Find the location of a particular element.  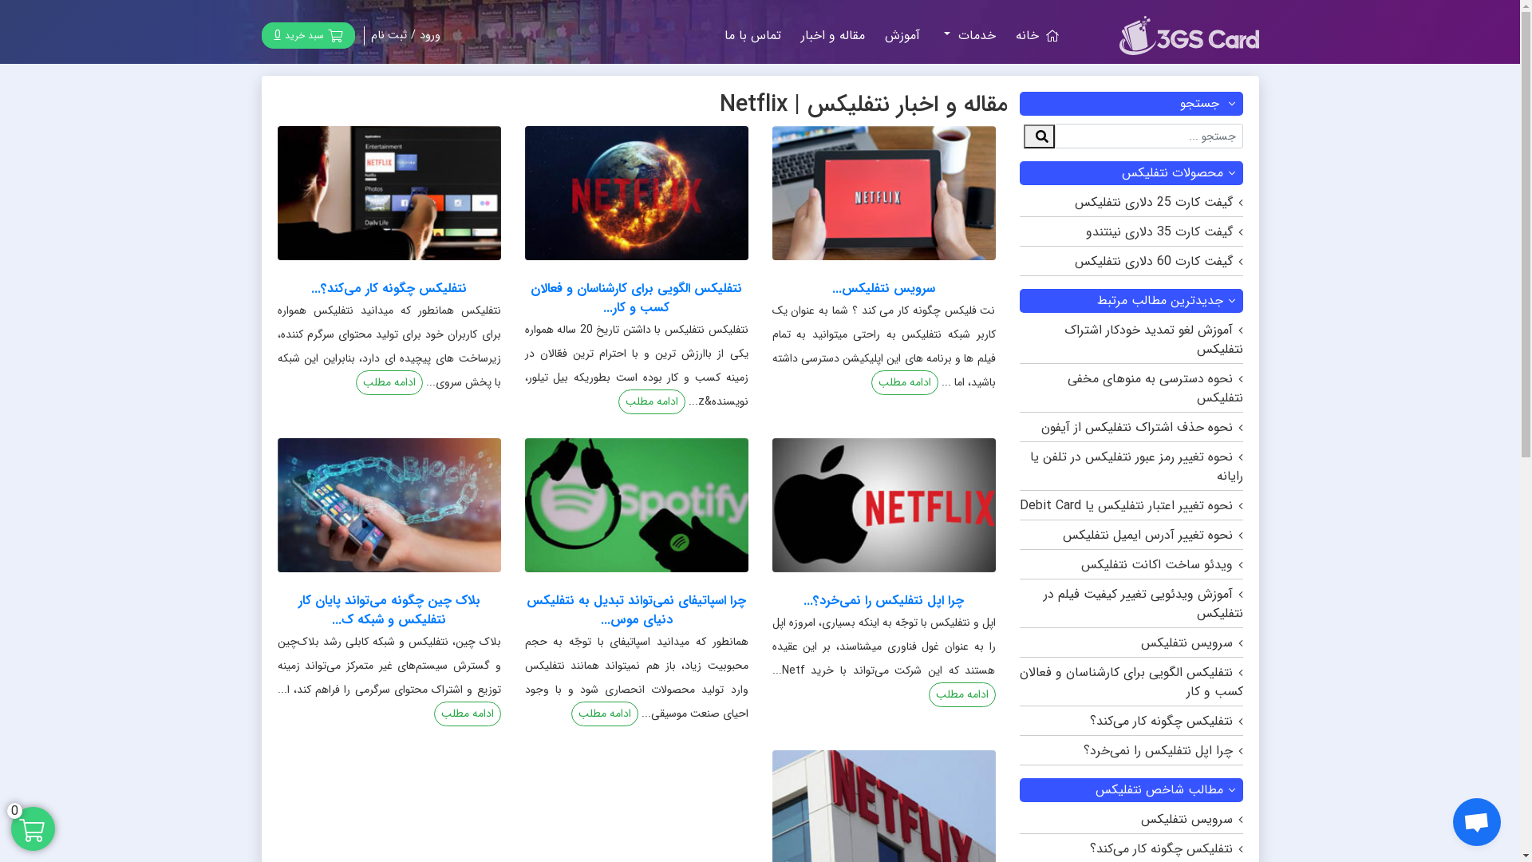

'3gscard' is located at coordinates (1188, 44).